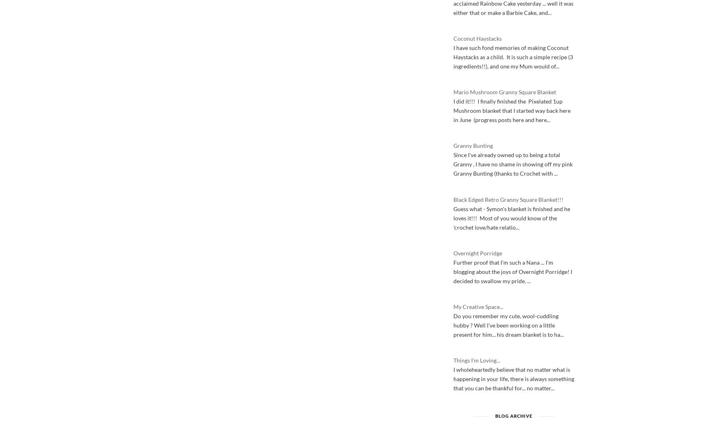  What do you see at coordinates (513, 379) in the screenshot?
I see `'I wholeheartedly believe that no matter what is happening in your life, there is always something that you can be thankful for... no matter...'` at bounding box center [513, 379].